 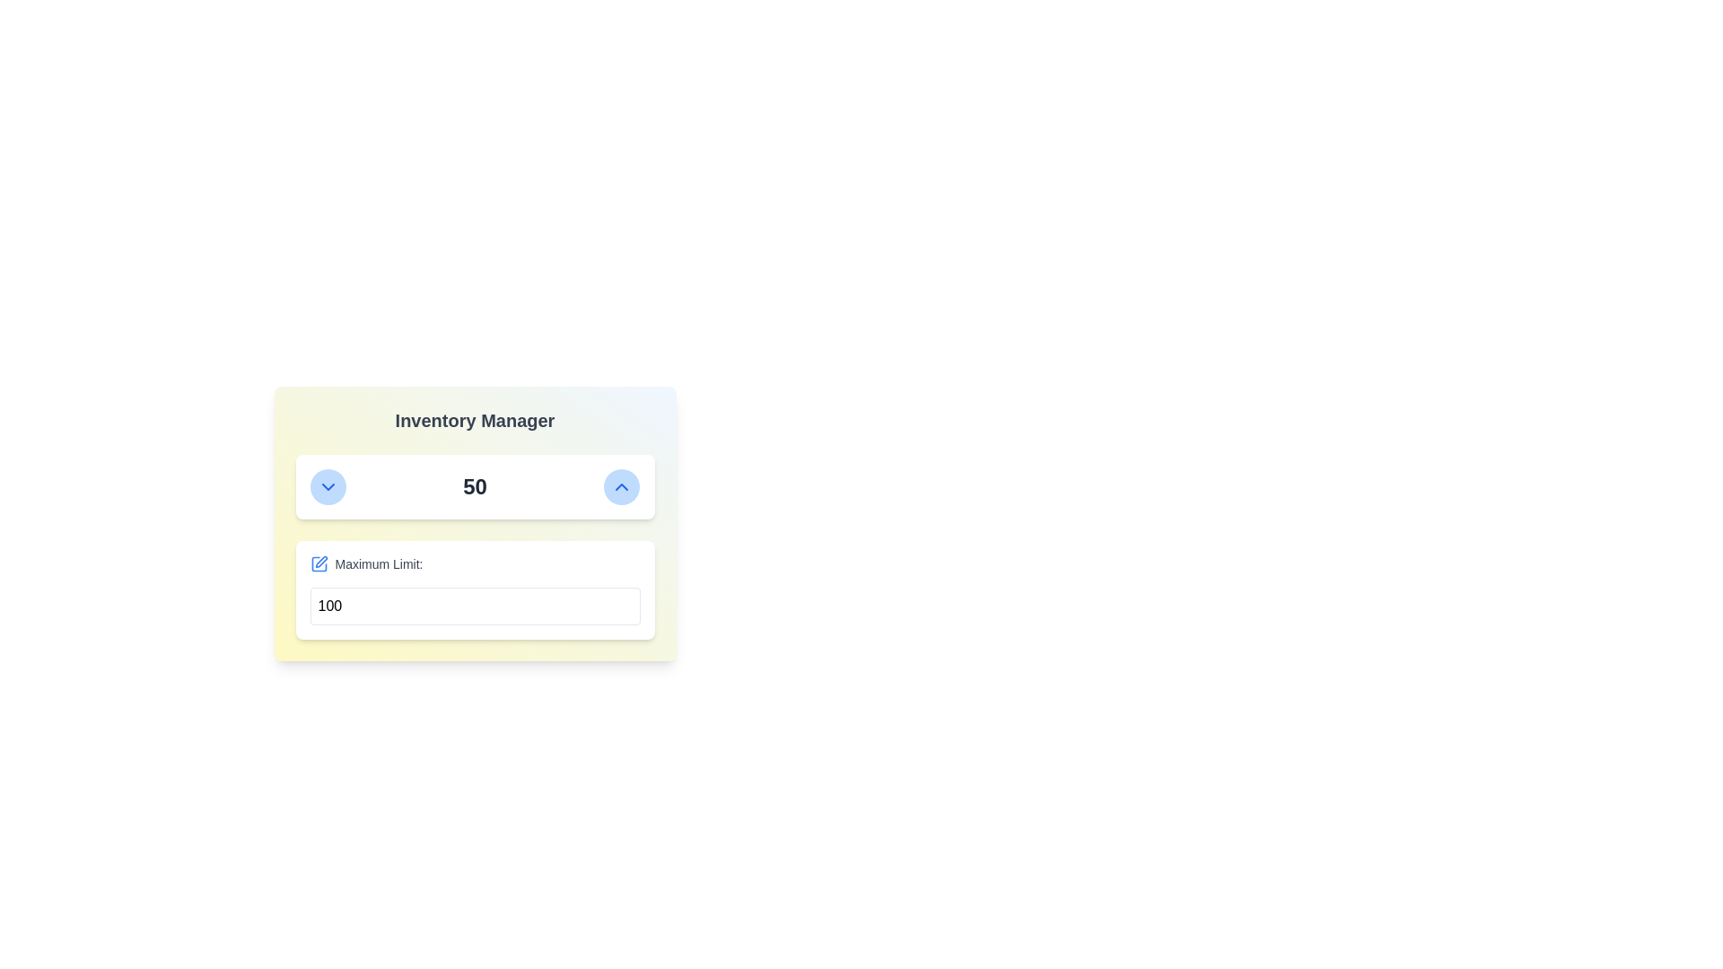 I want to click on the blue chevron-down icon button located on the right side of the row containing the number 50 in the 'Inventory Manager' card, so click(x=328, y=487).